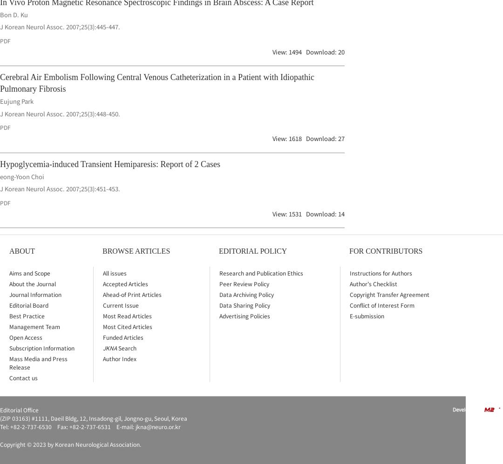  Describe the element at coordinates (9, 326) in the screenshot. I see `'Management Team'` at that location.